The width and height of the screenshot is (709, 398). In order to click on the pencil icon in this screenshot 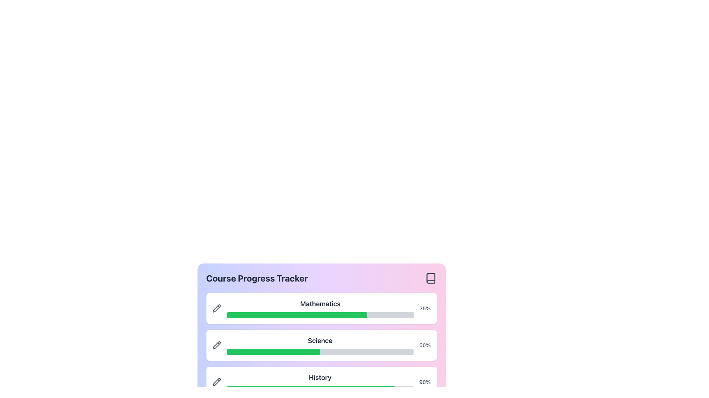, I will do `click(216, 345)`.